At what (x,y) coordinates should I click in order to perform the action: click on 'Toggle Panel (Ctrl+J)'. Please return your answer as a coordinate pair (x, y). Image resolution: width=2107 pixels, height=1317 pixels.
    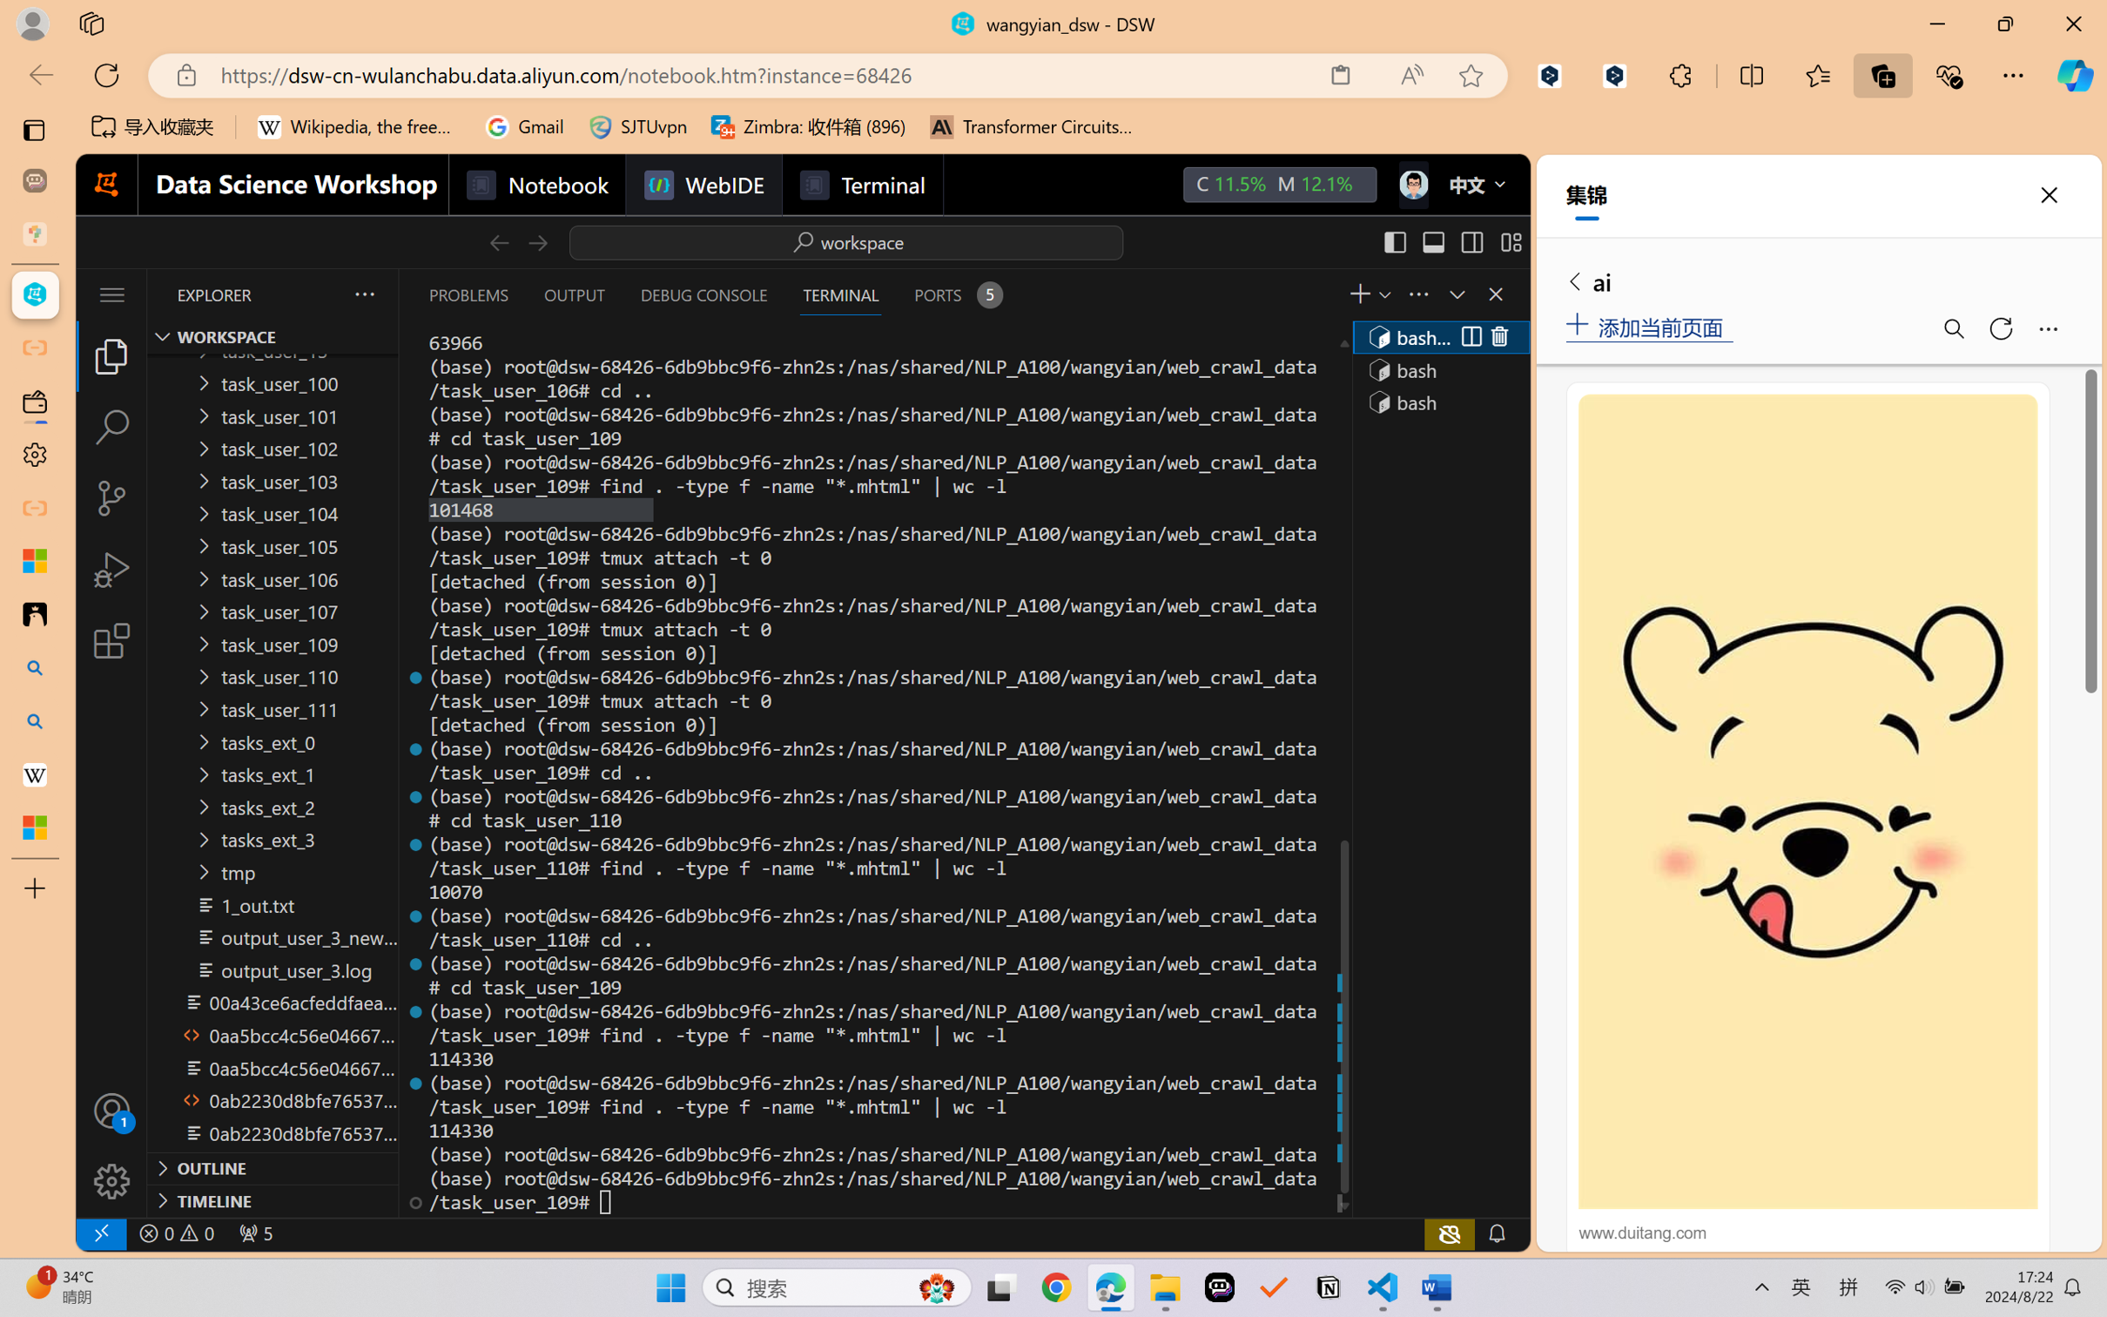
    Looking at the image, I should click on (1432, 241).